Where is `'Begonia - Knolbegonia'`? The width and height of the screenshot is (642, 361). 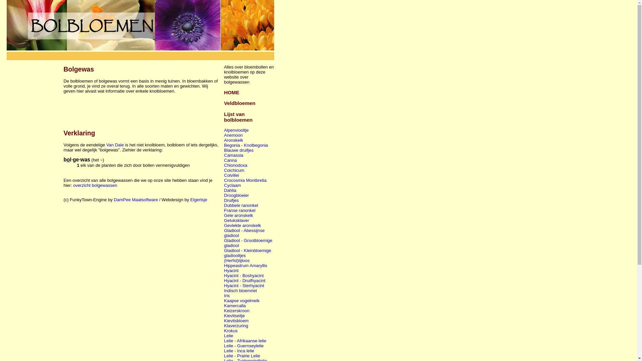 'Begonia - Knolbegonia' is located at coordinates (245, 145).